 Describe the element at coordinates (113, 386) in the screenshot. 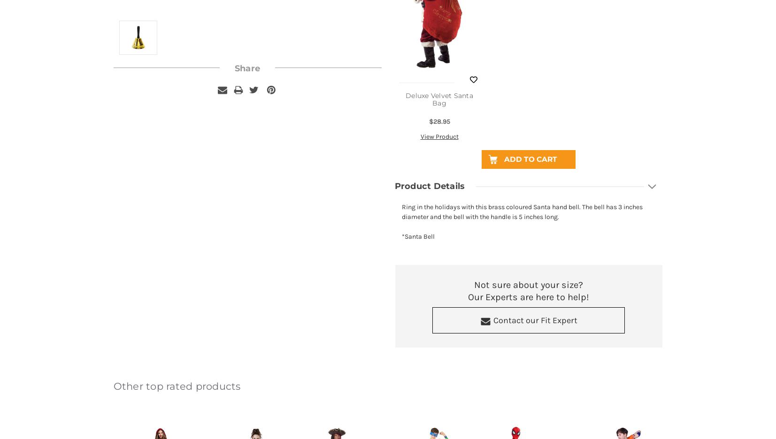

I see `'Other top rated products'` at that location.